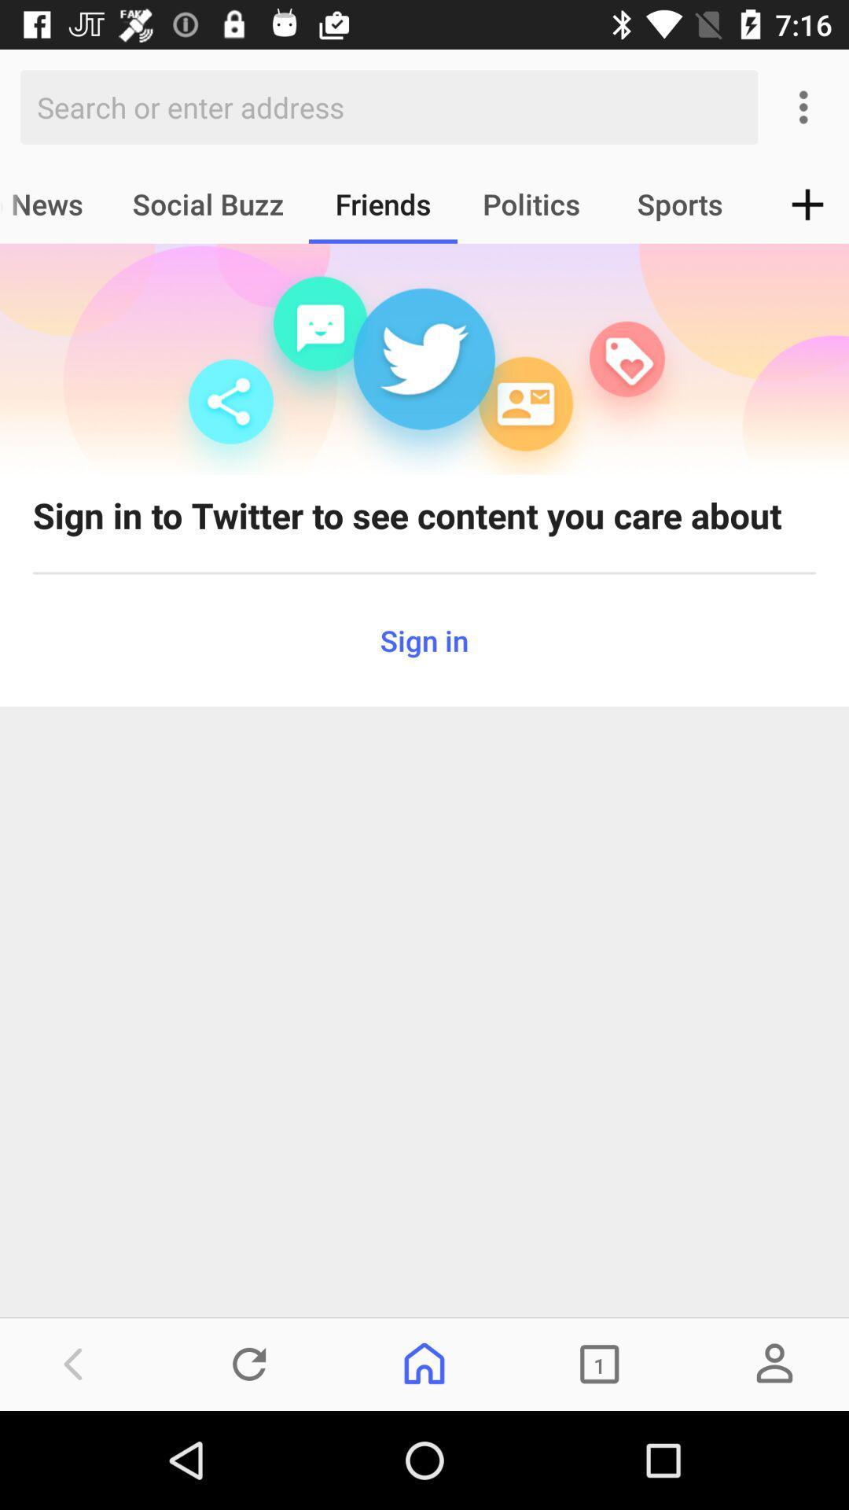 The image size is (849, 1510). Describe the element at coordinates (807, 203) in the screenshot. I see `the icon to the right of the sports` at that location.